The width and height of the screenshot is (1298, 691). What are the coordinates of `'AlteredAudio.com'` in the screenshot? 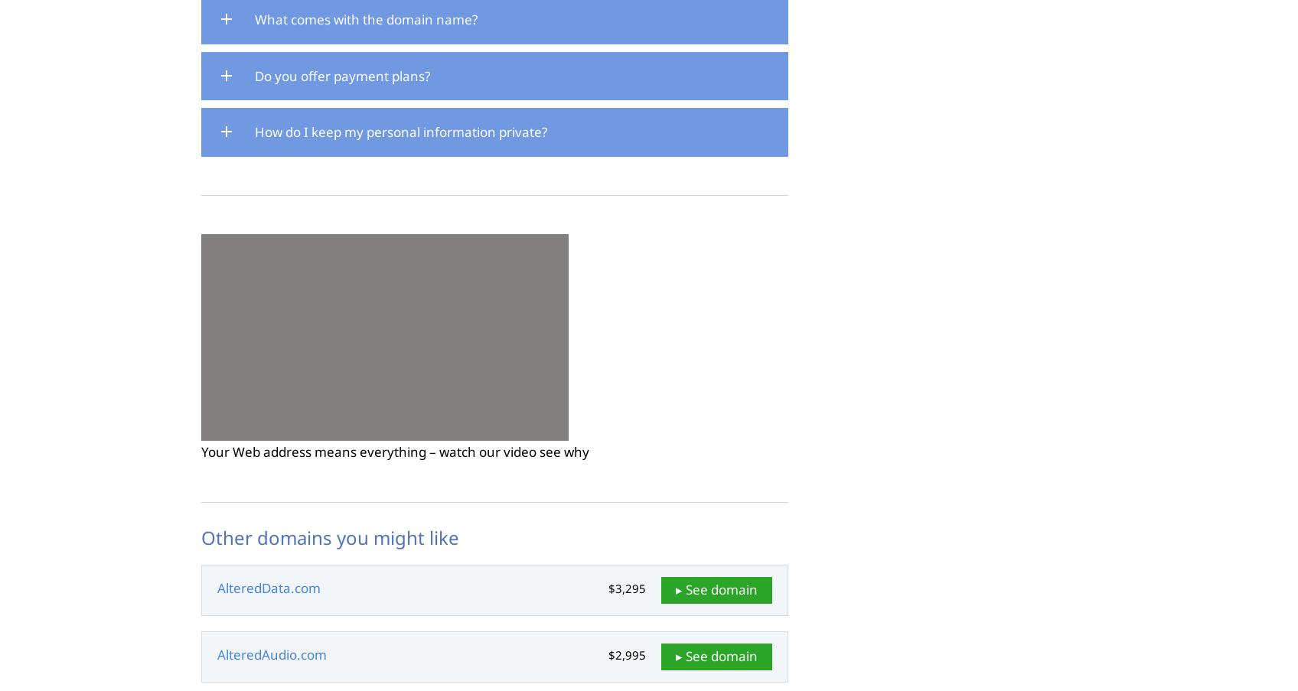 It's located at (217, 654).